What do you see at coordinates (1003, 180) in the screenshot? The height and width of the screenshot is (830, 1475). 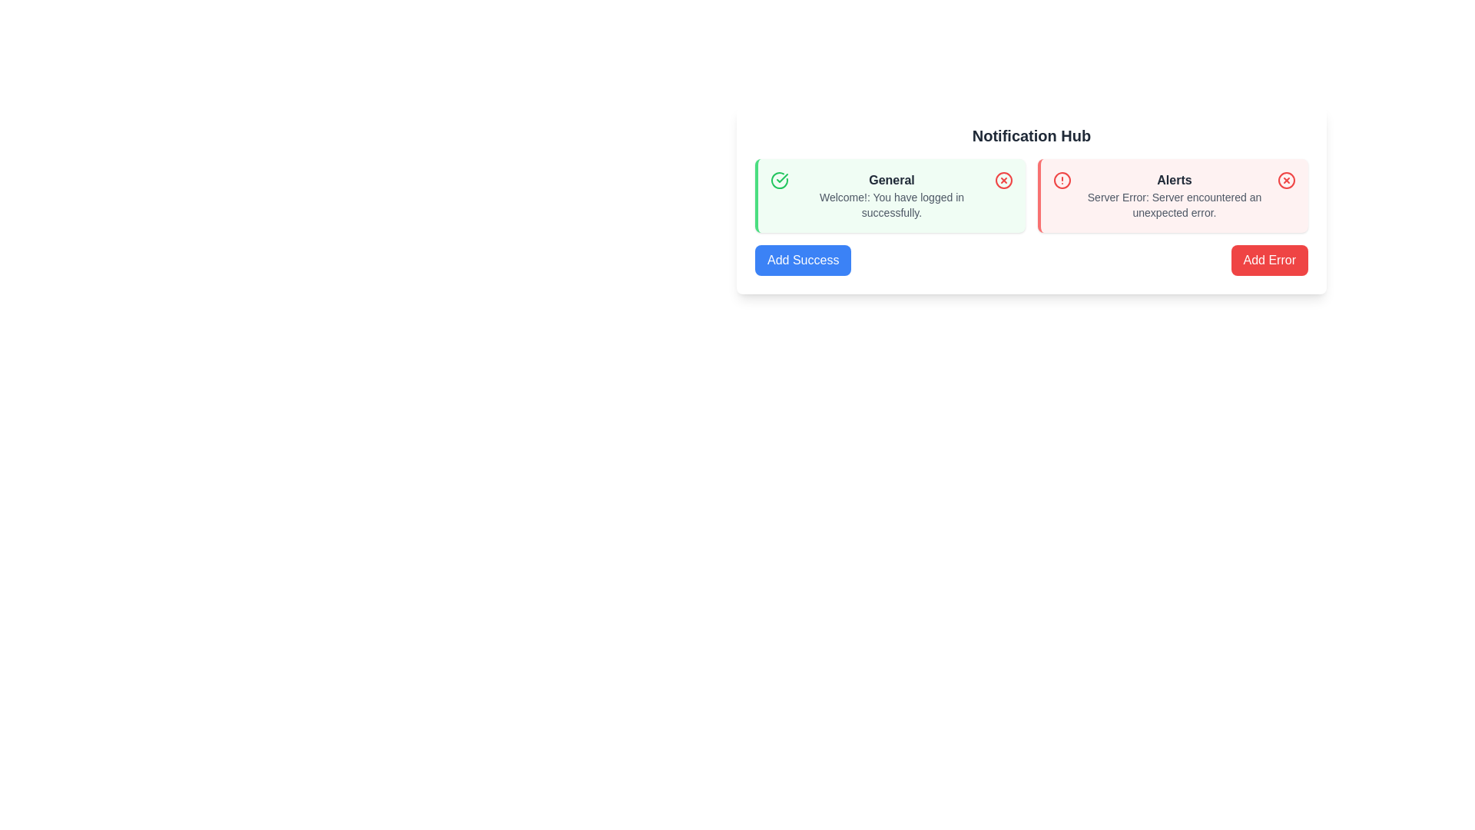 I see `the close button located at the top-right corner of the 'General' notification card` at bounding box center [1003, 180].